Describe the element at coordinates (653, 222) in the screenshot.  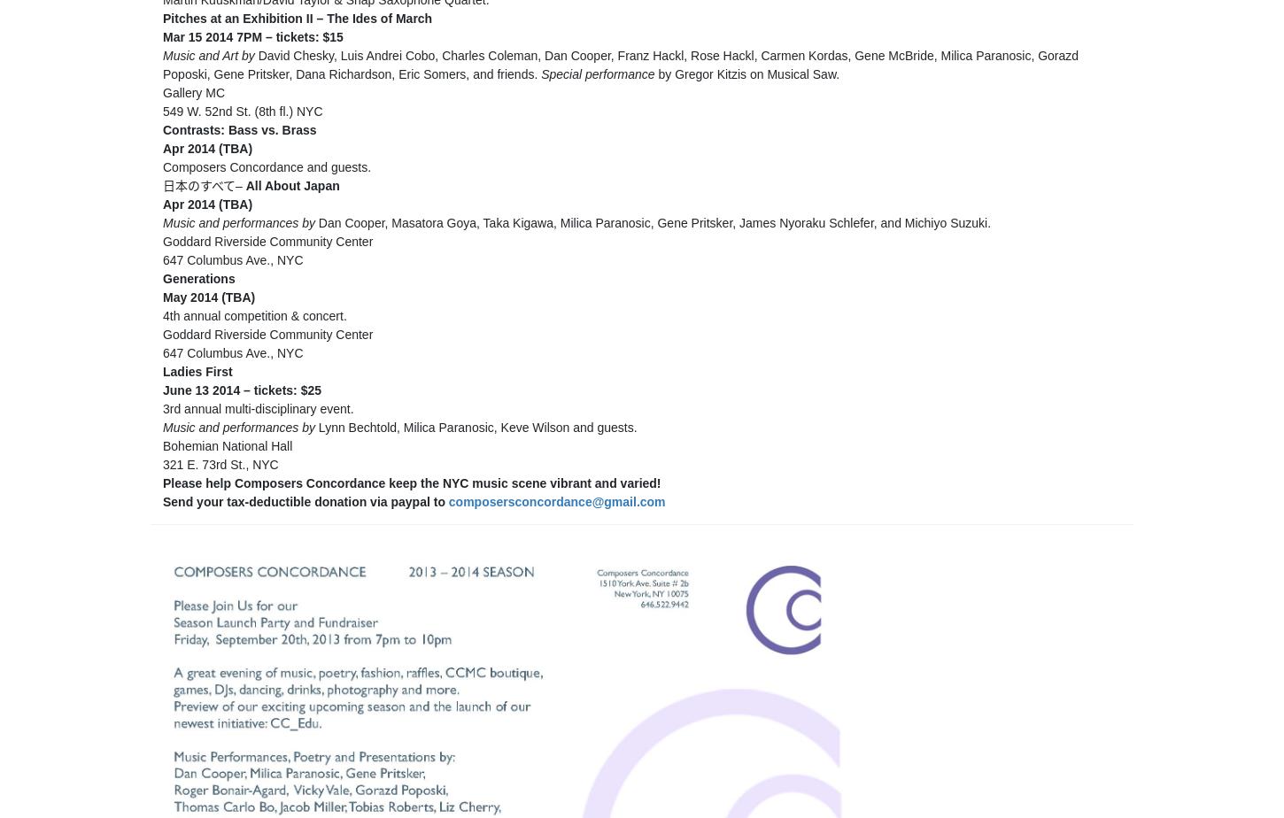
I see `'Dan Cooper, Masatora Goya, Taka Kigawa, Milica Paranosic, Gene Pritsker, James Nyoraku Schlefer, and Michiyo Suzuki.'` at that location.